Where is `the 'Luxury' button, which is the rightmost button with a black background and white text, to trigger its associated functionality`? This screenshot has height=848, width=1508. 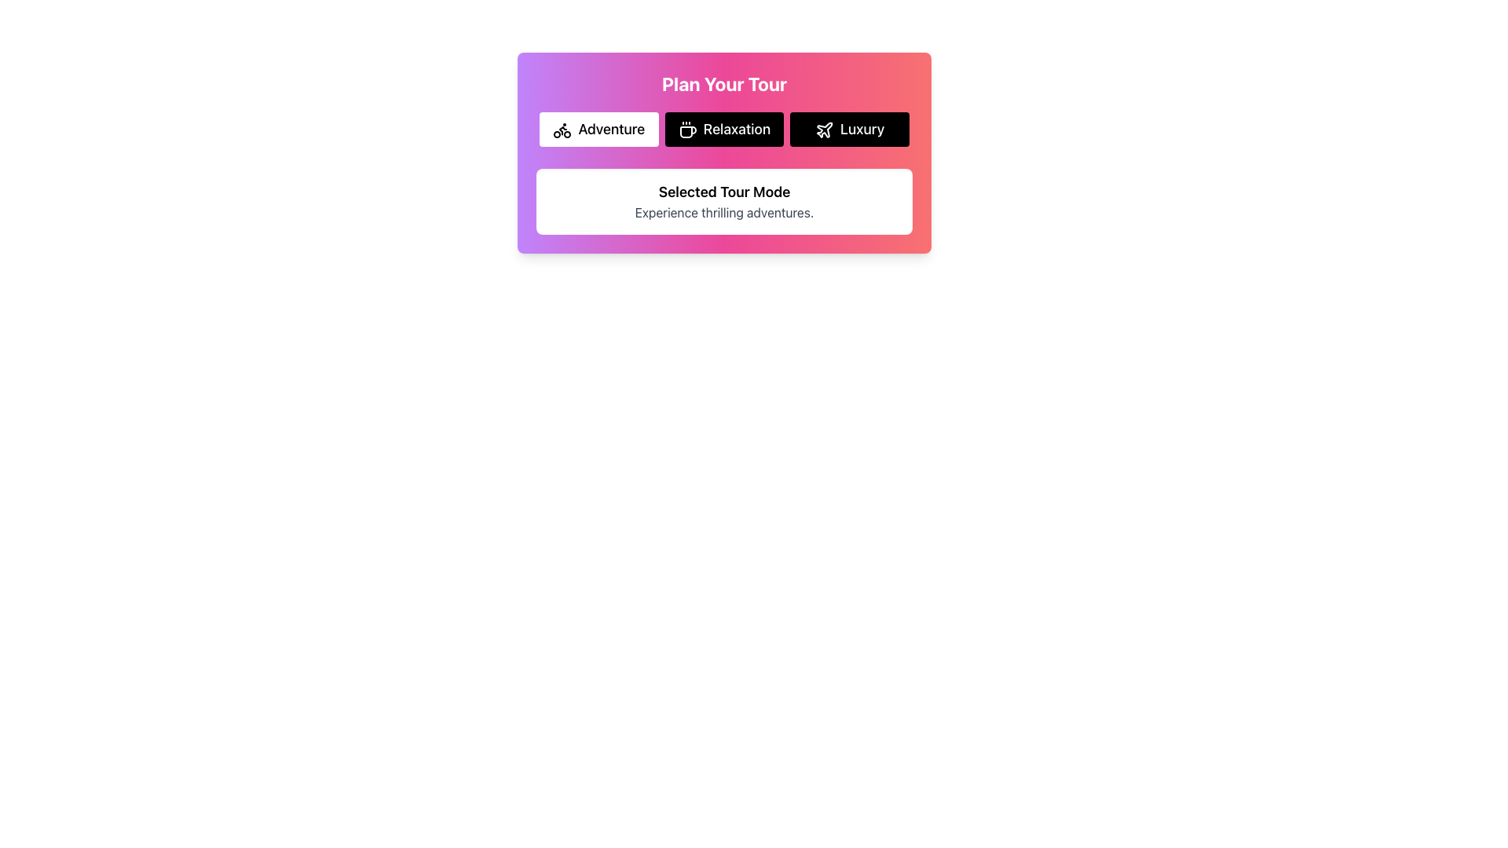 the 'Luxury' button, which is the rightmost button with a black background and white text, to trigger its associated functionality is located at coordinates (849, 129).